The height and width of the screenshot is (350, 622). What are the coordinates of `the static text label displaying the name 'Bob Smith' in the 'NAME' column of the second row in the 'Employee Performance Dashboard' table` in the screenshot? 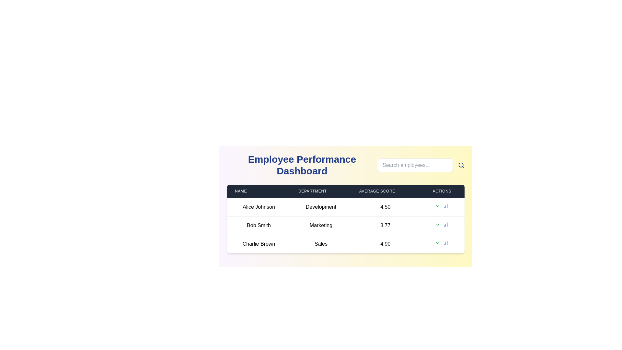 It's located at (259, 225).